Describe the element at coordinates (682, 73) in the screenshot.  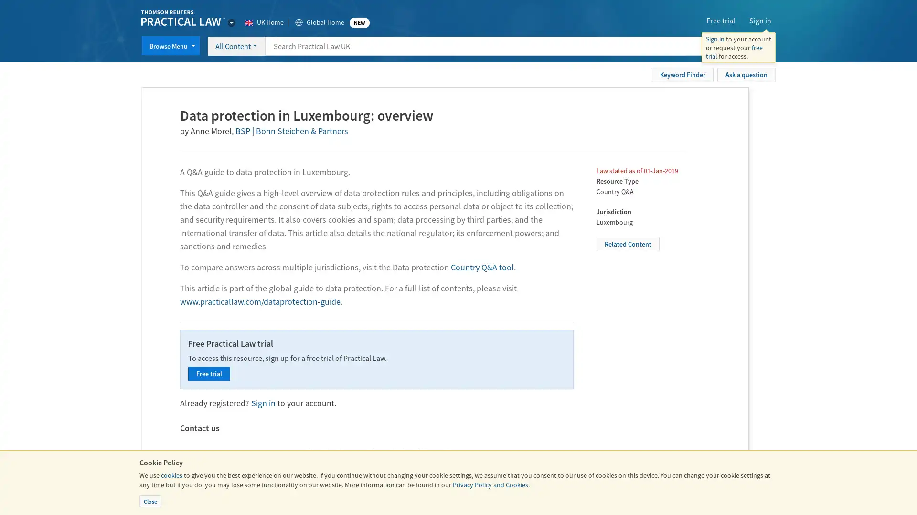
I see `Keyword Finder` at that location.